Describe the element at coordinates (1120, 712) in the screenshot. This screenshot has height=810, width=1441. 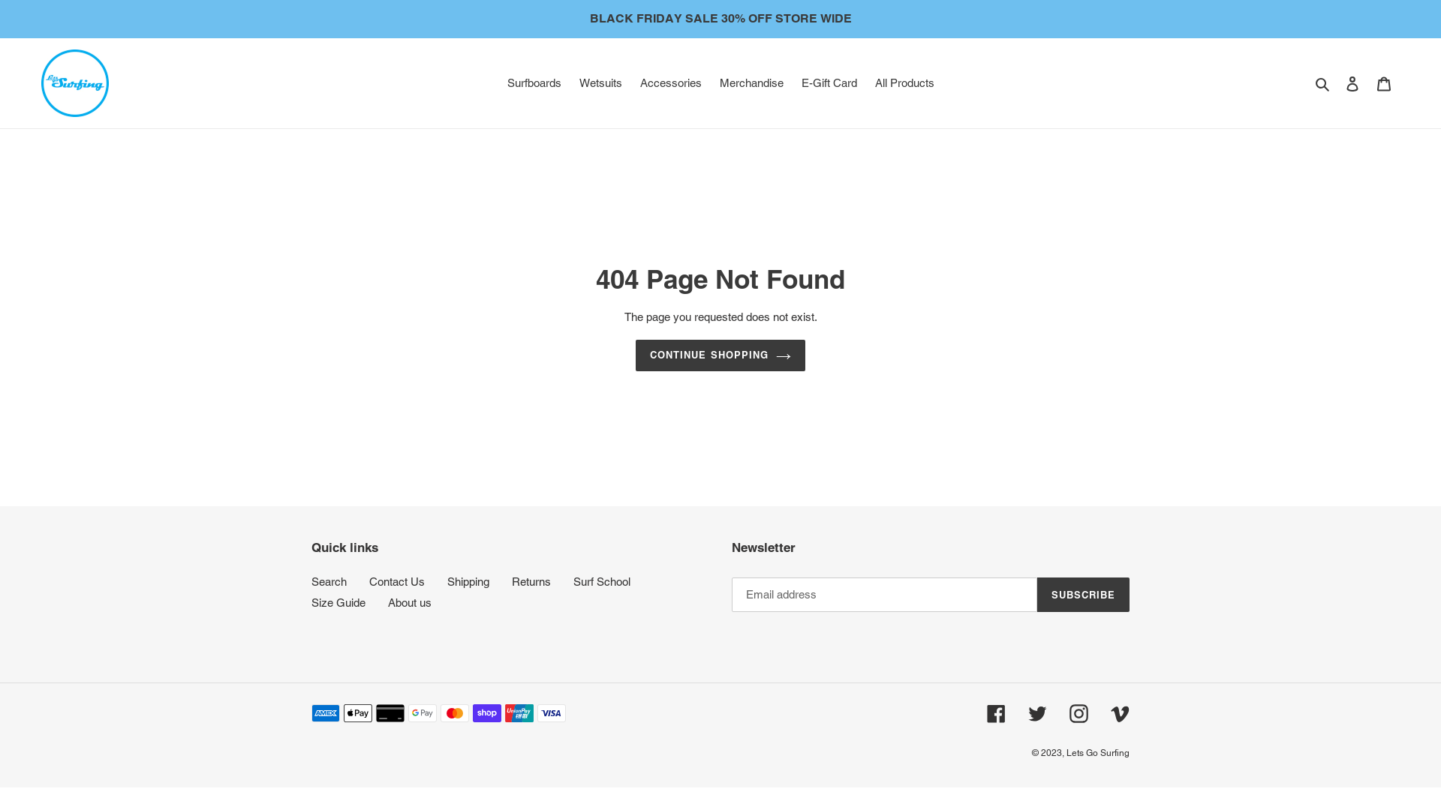
I see `'Vimeo'` at that location.